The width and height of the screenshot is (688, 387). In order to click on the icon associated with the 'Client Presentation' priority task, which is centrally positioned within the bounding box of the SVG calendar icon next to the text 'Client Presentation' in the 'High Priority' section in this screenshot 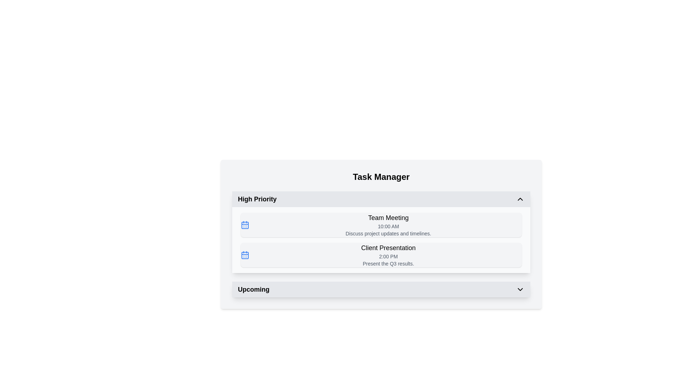, I will do `click(245, 255)`.